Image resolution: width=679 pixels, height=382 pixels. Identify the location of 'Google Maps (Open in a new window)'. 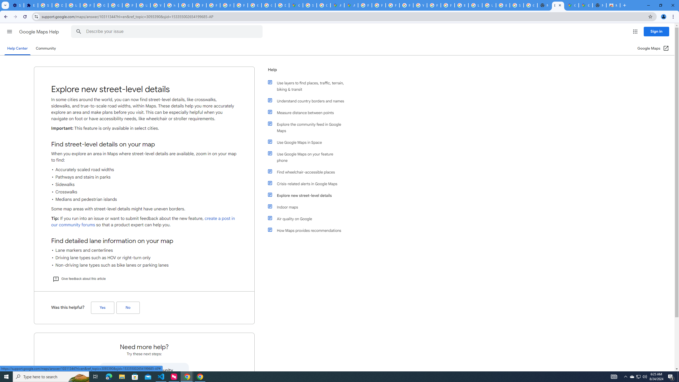
(653, 48).